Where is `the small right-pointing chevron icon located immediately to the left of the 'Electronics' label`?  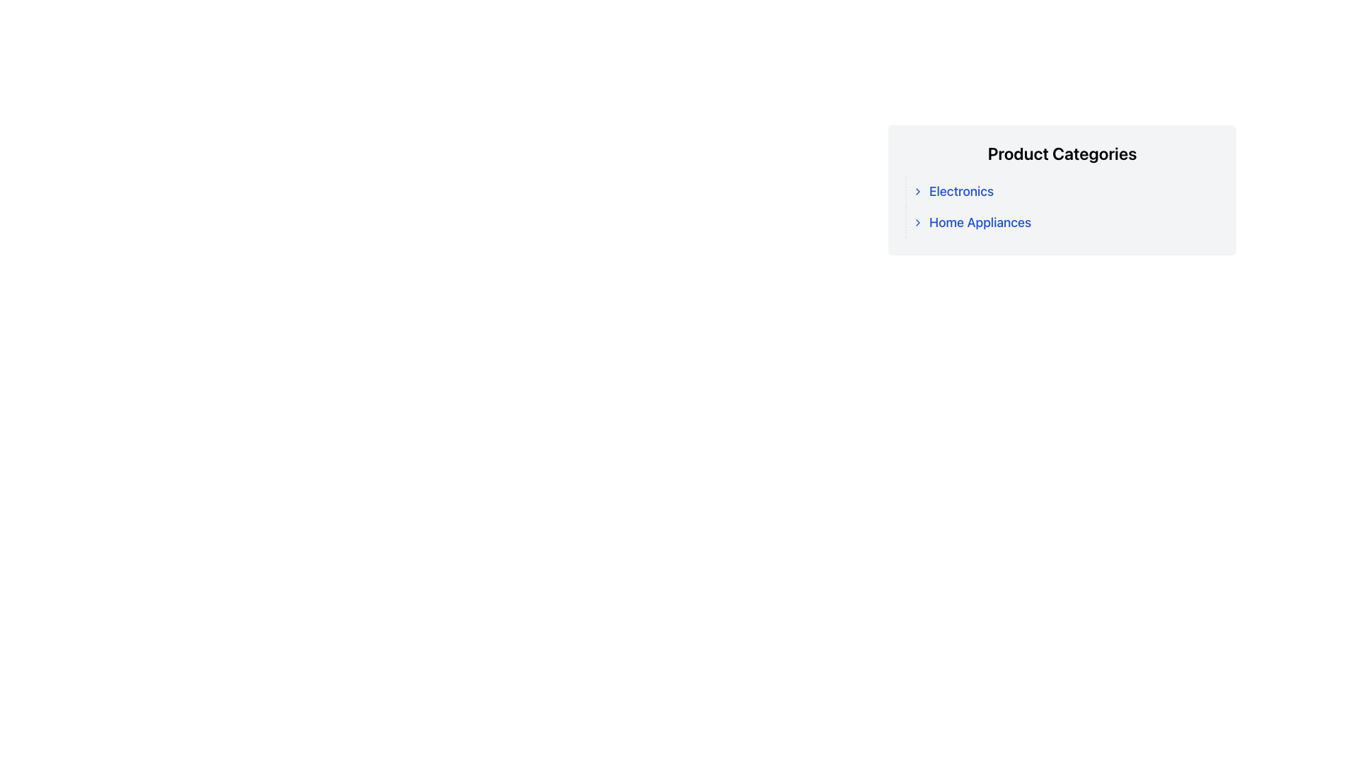
the small right-pointing chevron icon located immediately to the left of the 'Electronics' label is located at coordinates (917, 191).